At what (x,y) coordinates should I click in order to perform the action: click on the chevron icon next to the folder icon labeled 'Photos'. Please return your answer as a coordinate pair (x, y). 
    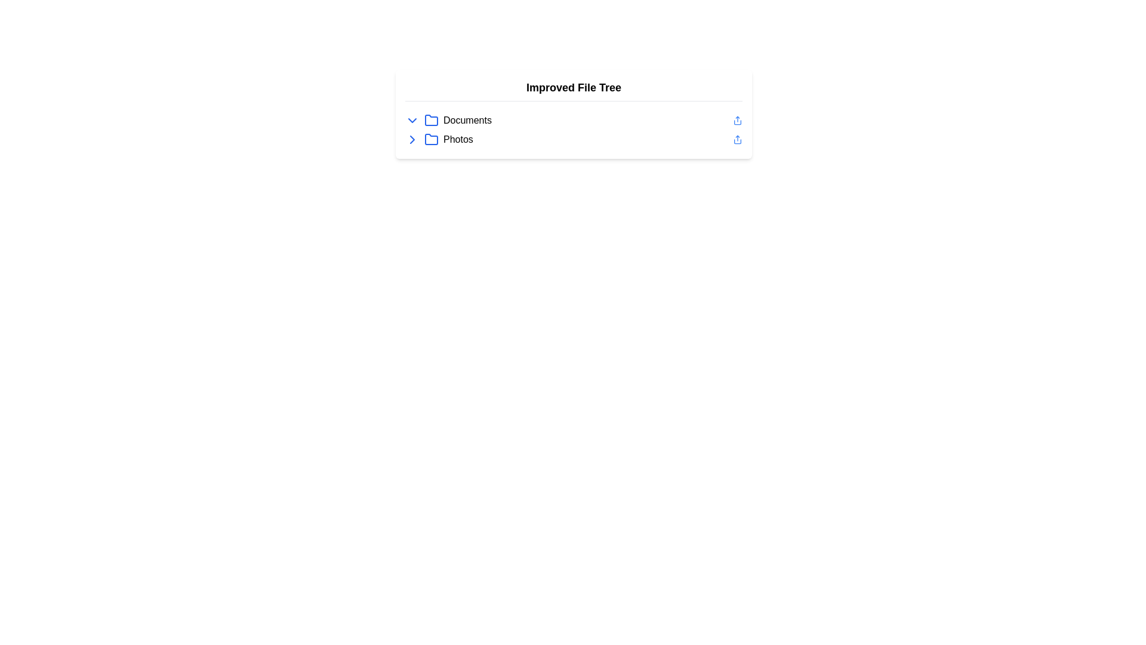
    Looking at the image, I should click on (421, 139).